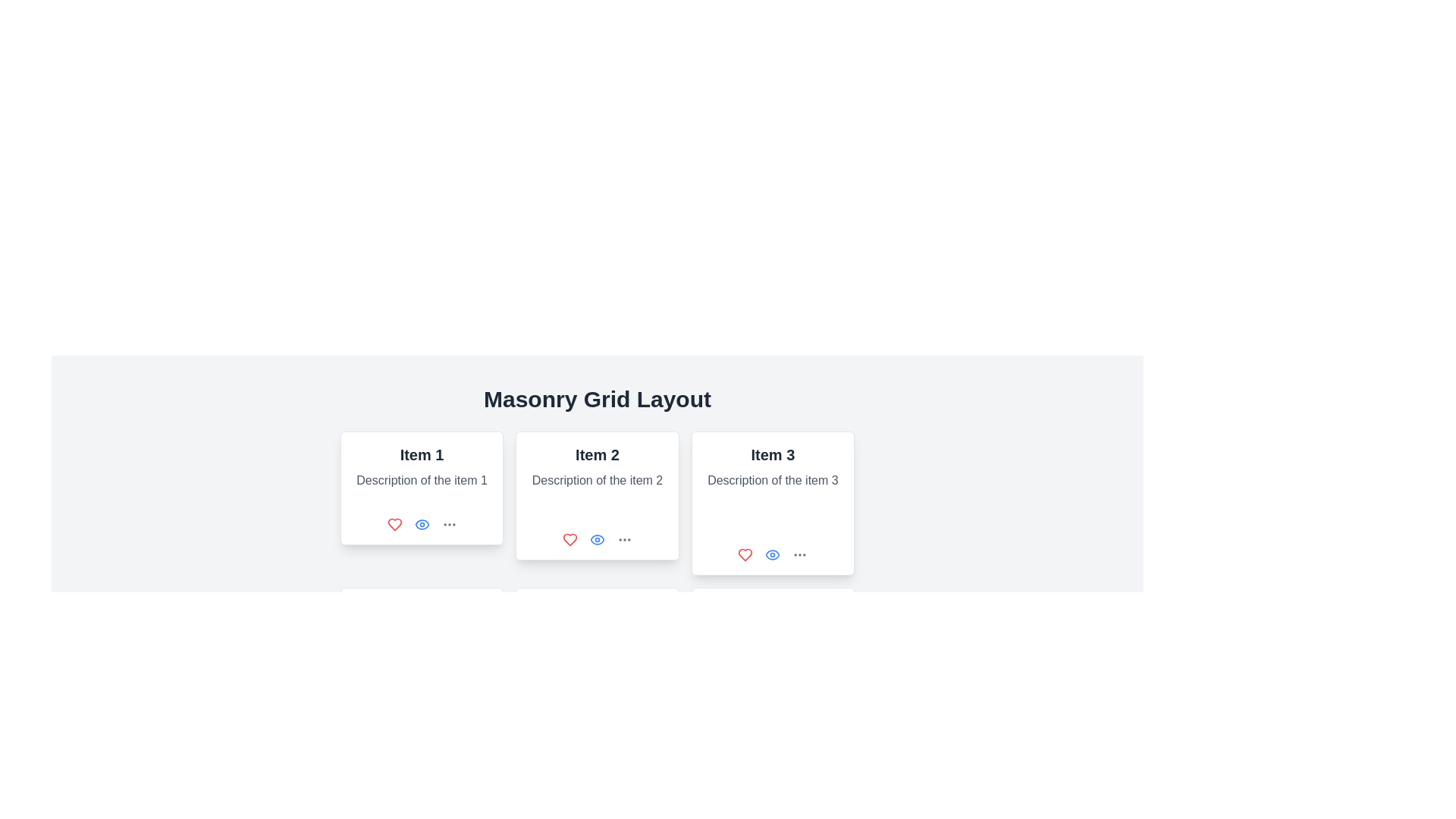  Describe the element at coordinates (596, 539) in the screenshot. I see `the blue eye icon button located at the bottom of the second card labeled 'Item 2'` at that location.